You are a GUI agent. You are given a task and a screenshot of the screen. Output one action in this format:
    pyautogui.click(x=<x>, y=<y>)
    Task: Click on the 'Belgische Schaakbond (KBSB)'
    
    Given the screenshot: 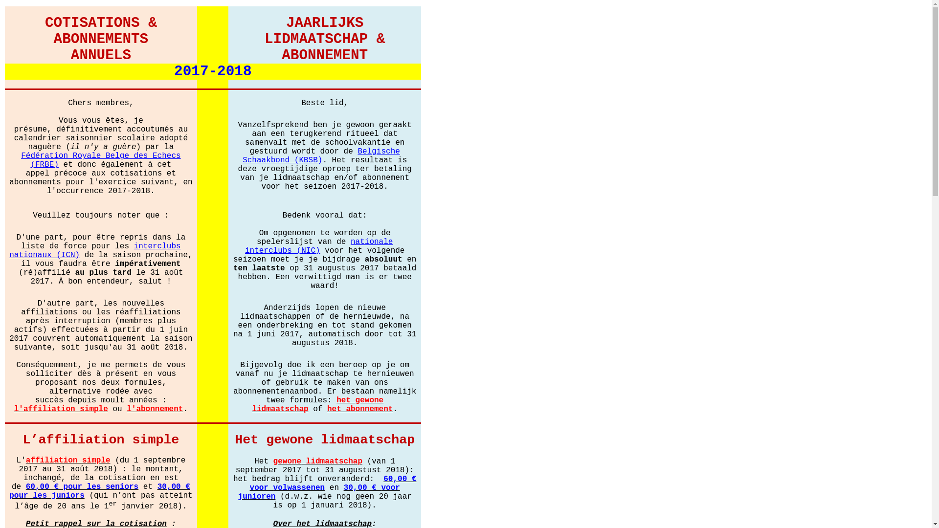 What is the action you would take?
    pyautogui.click(x=321, y=154)
    